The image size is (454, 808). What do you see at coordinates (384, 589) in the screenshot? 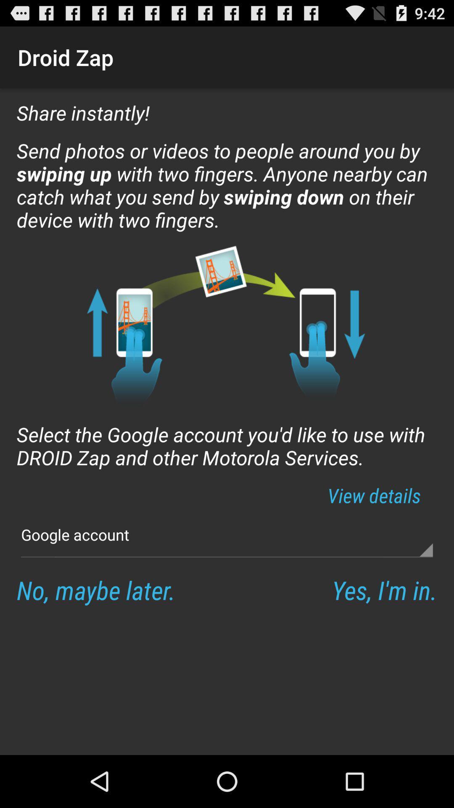
I see `item next to the no, maybe later. icon` at bounding box center [384, 589].